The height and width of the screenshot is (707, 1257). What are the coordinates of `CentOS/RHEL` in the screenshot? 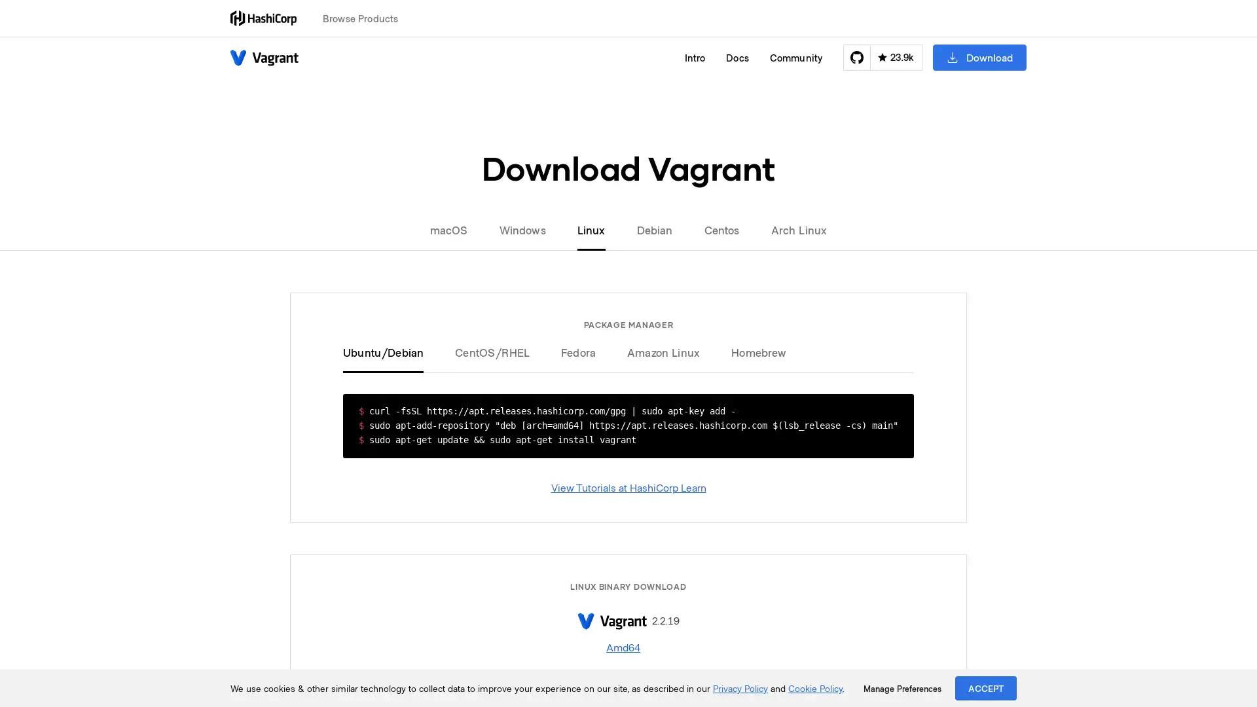 It's located at (492, 351).